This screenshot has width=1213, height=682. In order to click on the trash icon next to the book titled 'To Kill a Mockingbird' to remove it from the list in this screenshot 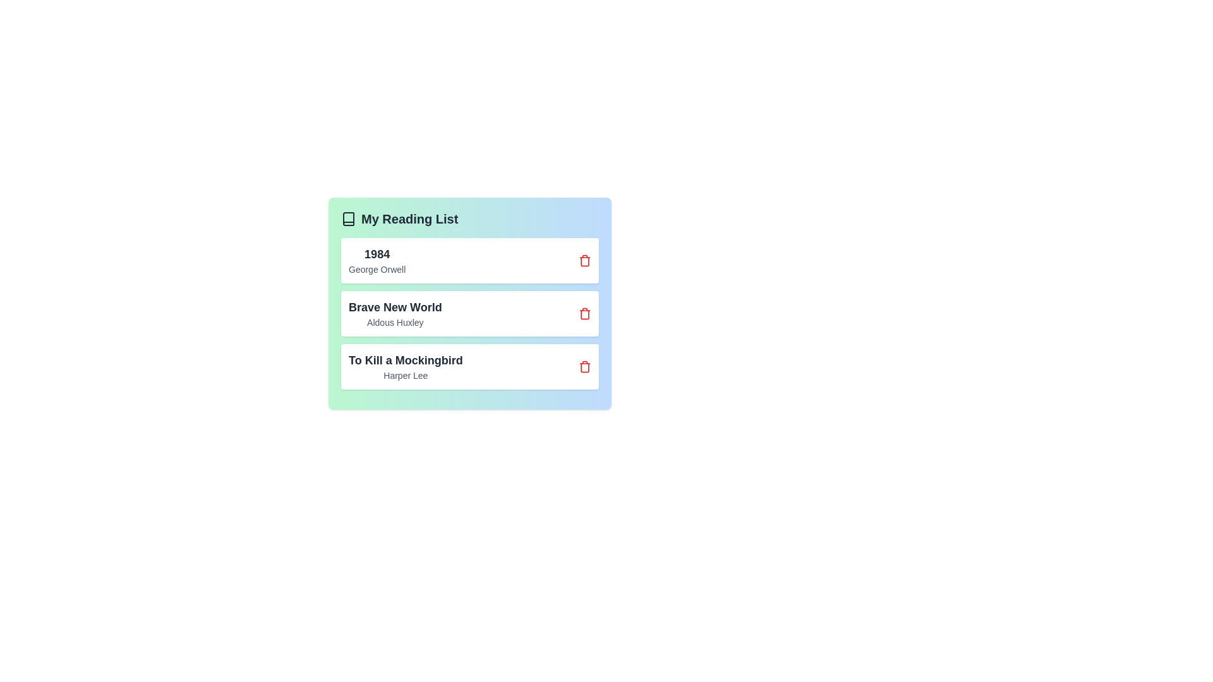, I will do `click(584, 367)`.